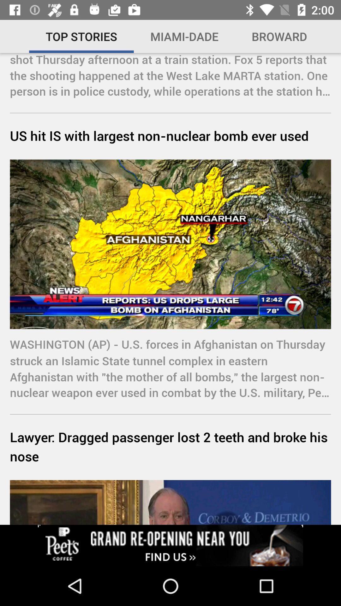  What do you see at coordinates (170, 545) in the screenshot?
I see `open advertising` at bounding box center [170, 545].